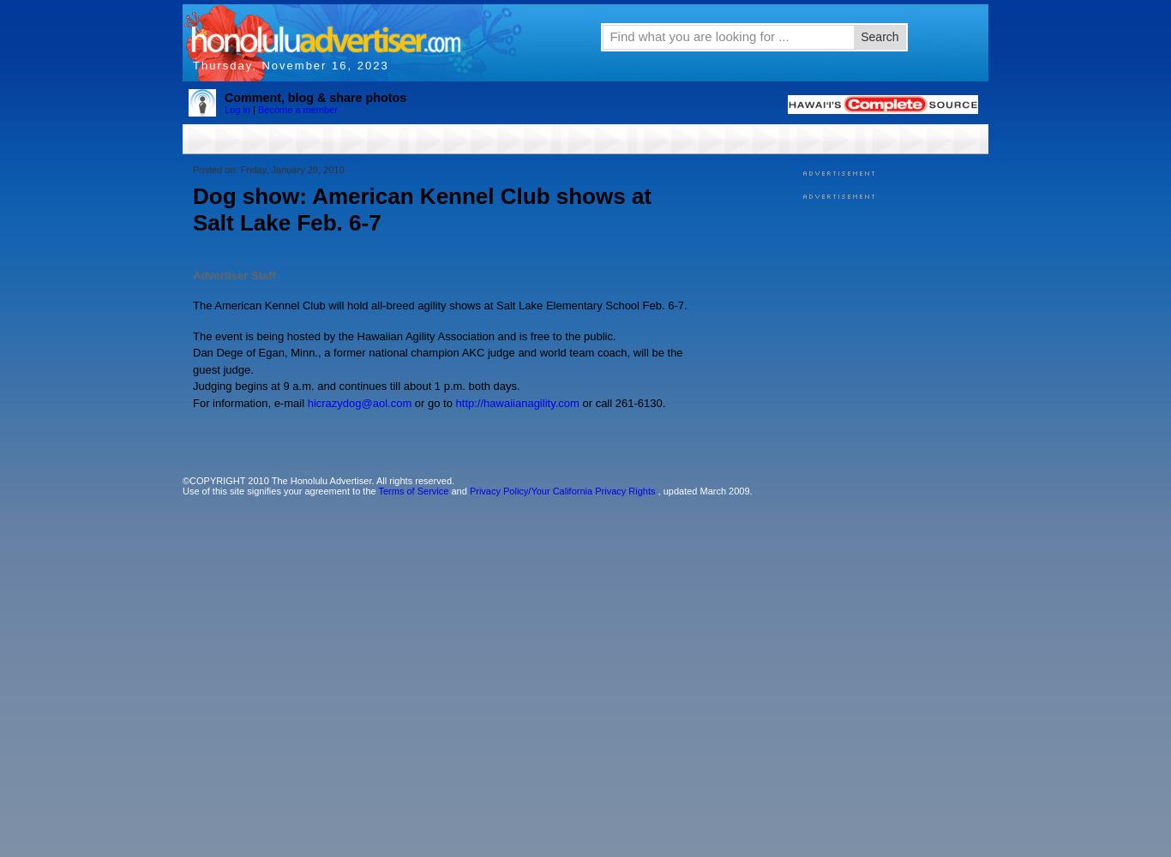 The width and height of the screenshot is (1171, 857). I want to click on 'Terms of Service', so click(376, 490).